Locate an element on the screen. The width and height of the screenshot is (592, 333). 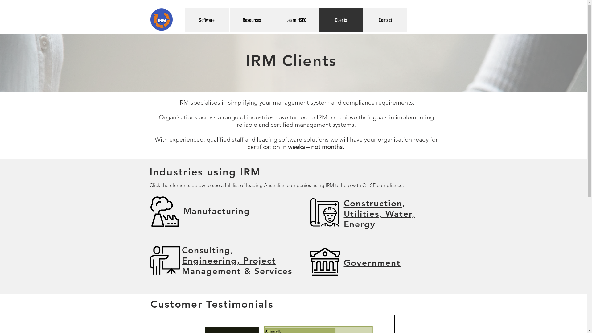
'Resources' is located at coordinates (252, 20).